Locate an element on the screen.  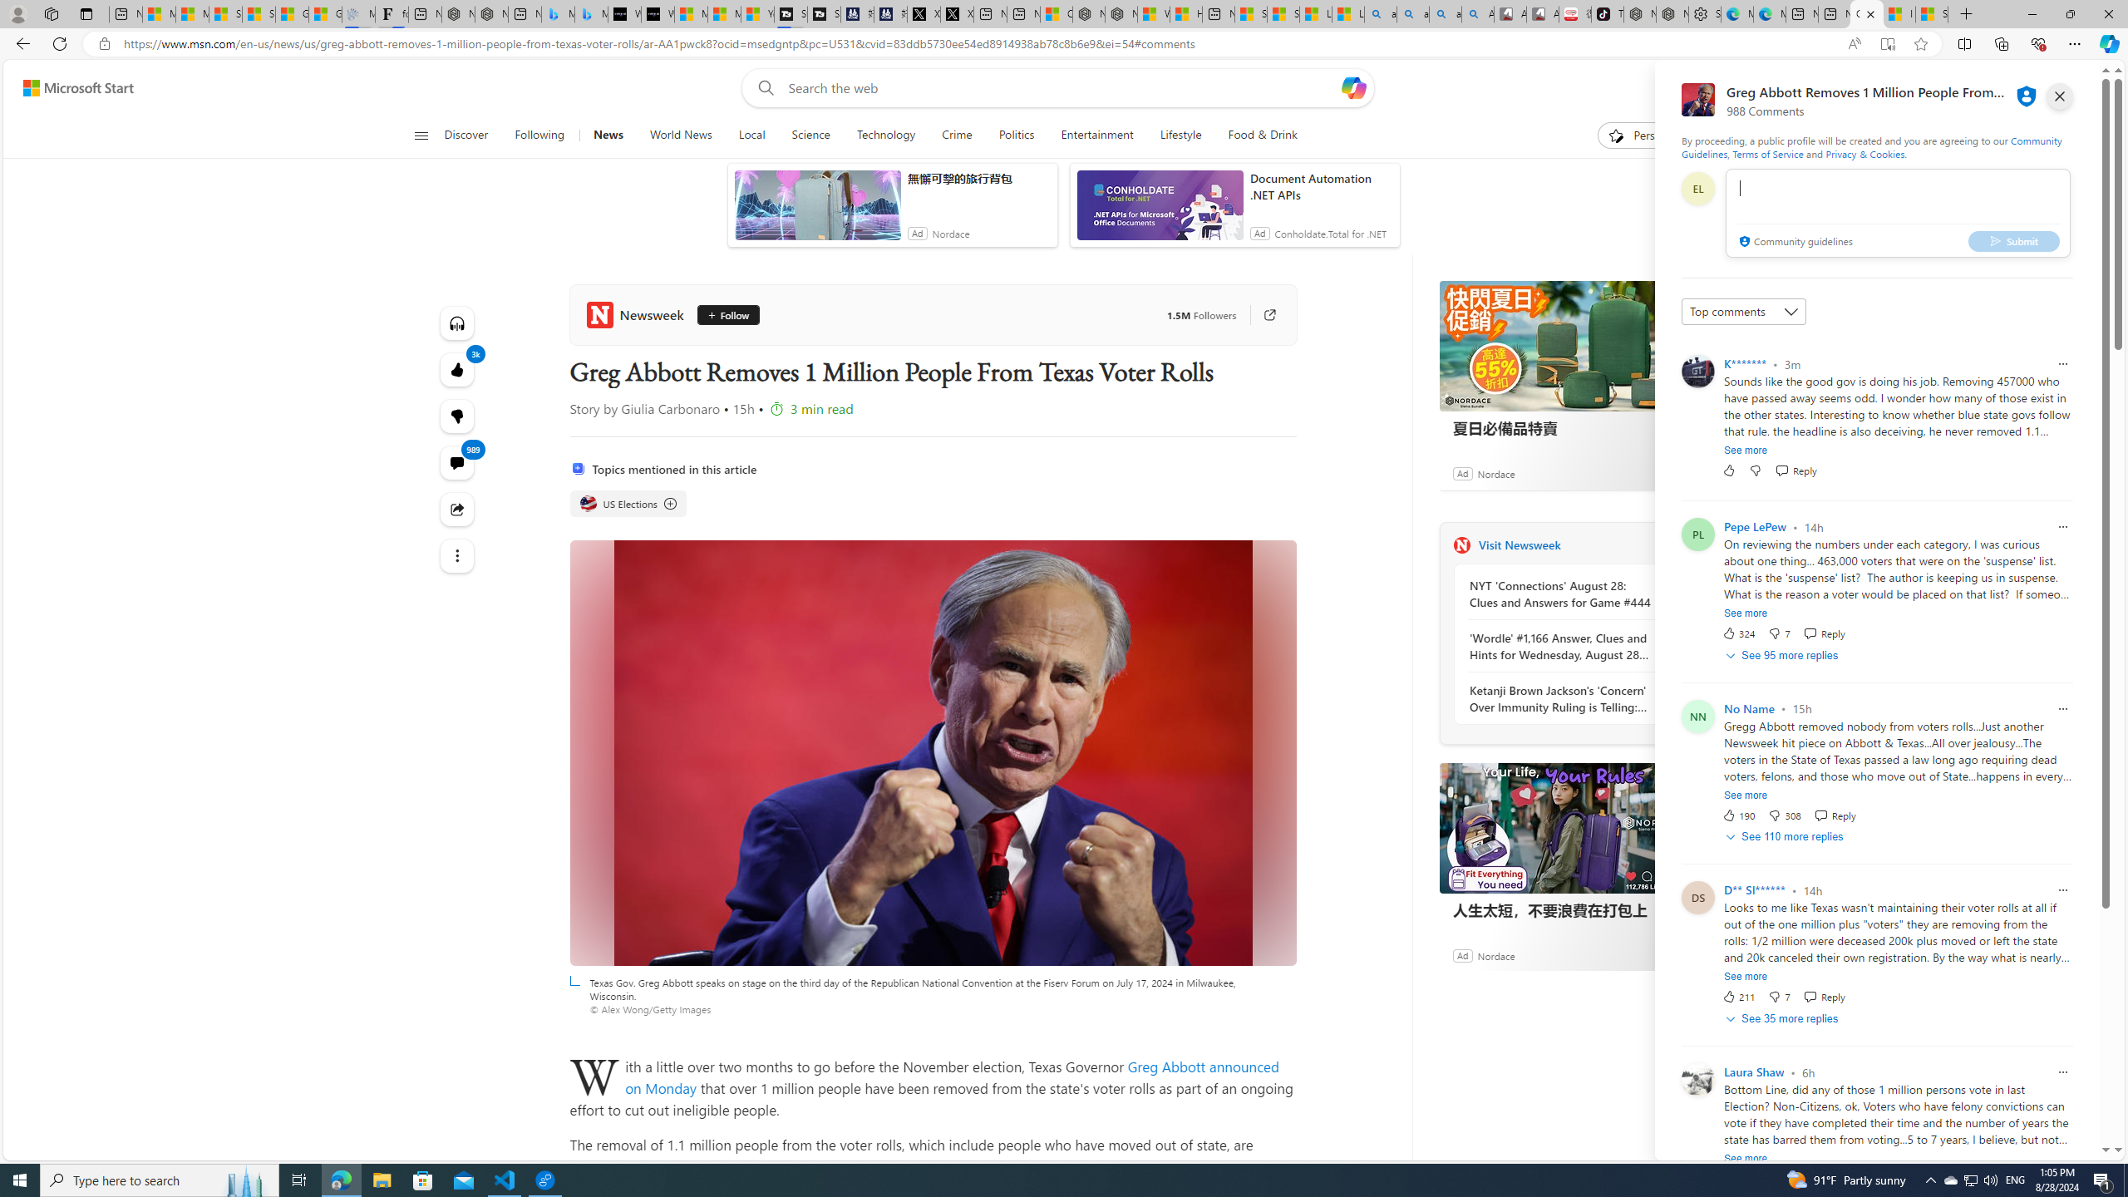
'anim-content' is located at coordinates (1159, 210).